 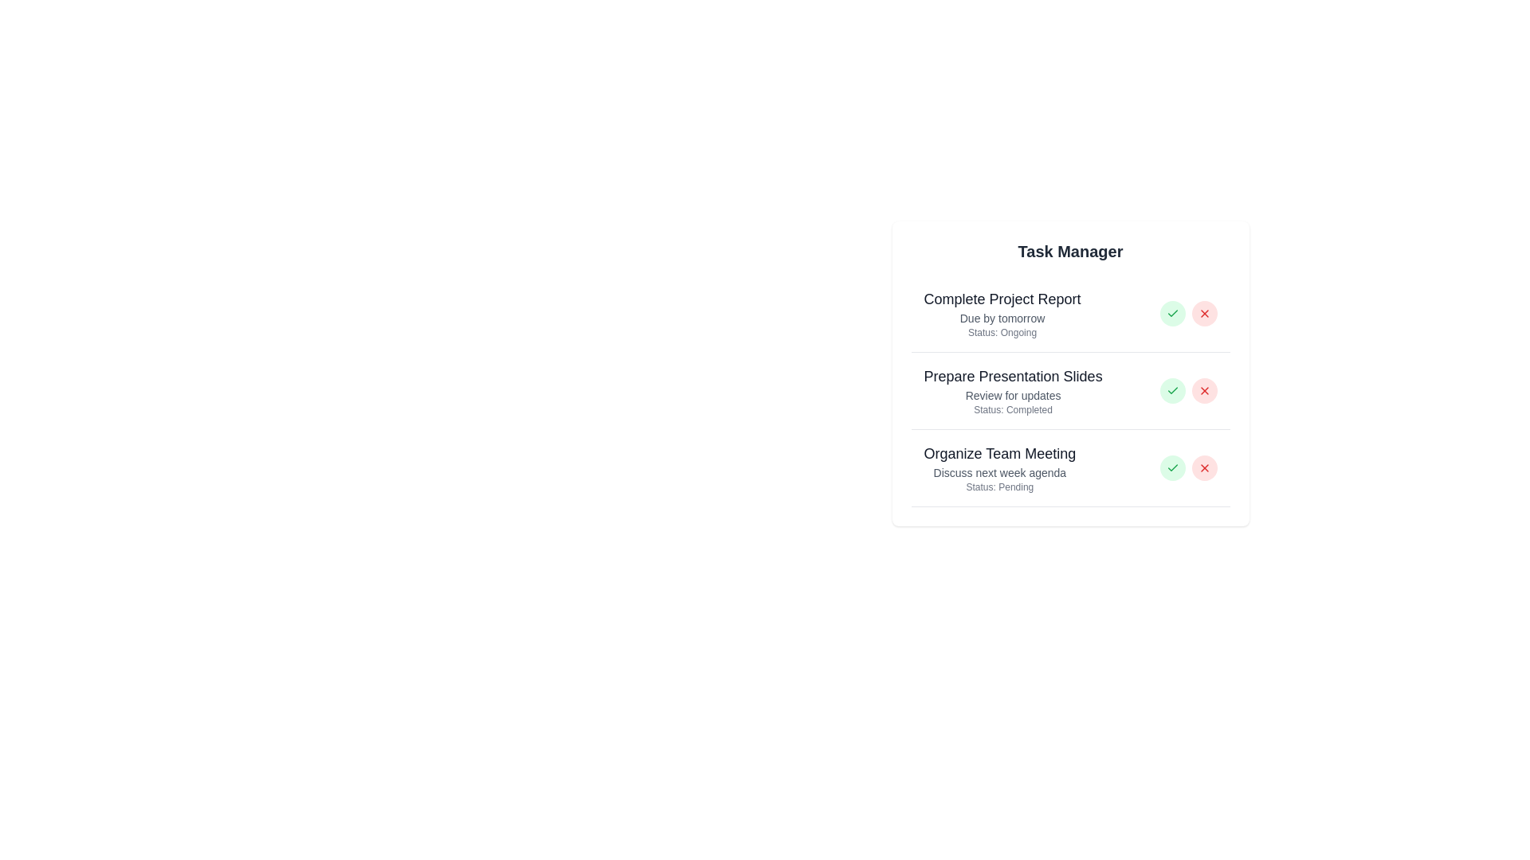 I want to click on the green 'complete' button with a checkmark icon located in the task list interface under 'Prepare Presentation Slides', so click(x=1172, y=390).